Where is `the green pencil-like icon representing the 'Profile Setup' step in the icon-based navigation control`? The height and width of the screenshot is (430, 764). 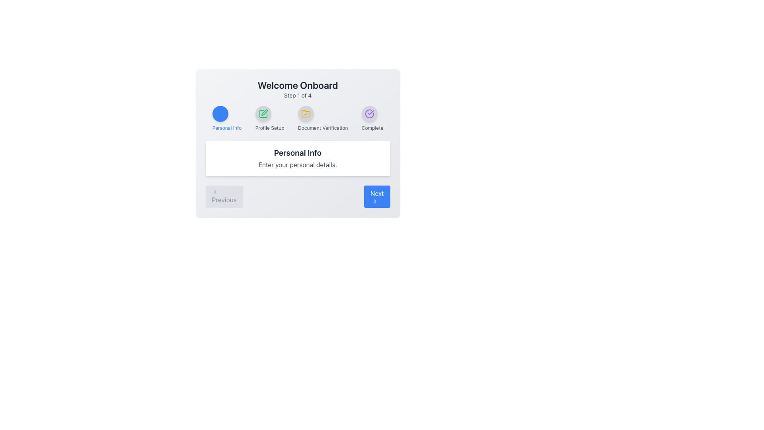
the green pencil-like icon representing the 'Profile Setup' step in the icon-based navigation control is located at coordinates (264, 112).